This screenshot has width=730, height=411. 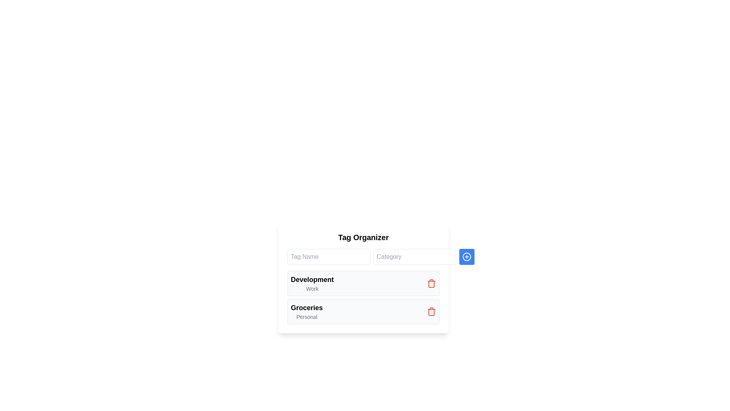 What do you see at coordinates (363, 237) in the screenshot?
I see `the bold header text titled 'Tag Organizer', which is styled with a larger font size and centered alignment, located at the top of a white, rounded rectangle panel` at bounding box center [363, 237].